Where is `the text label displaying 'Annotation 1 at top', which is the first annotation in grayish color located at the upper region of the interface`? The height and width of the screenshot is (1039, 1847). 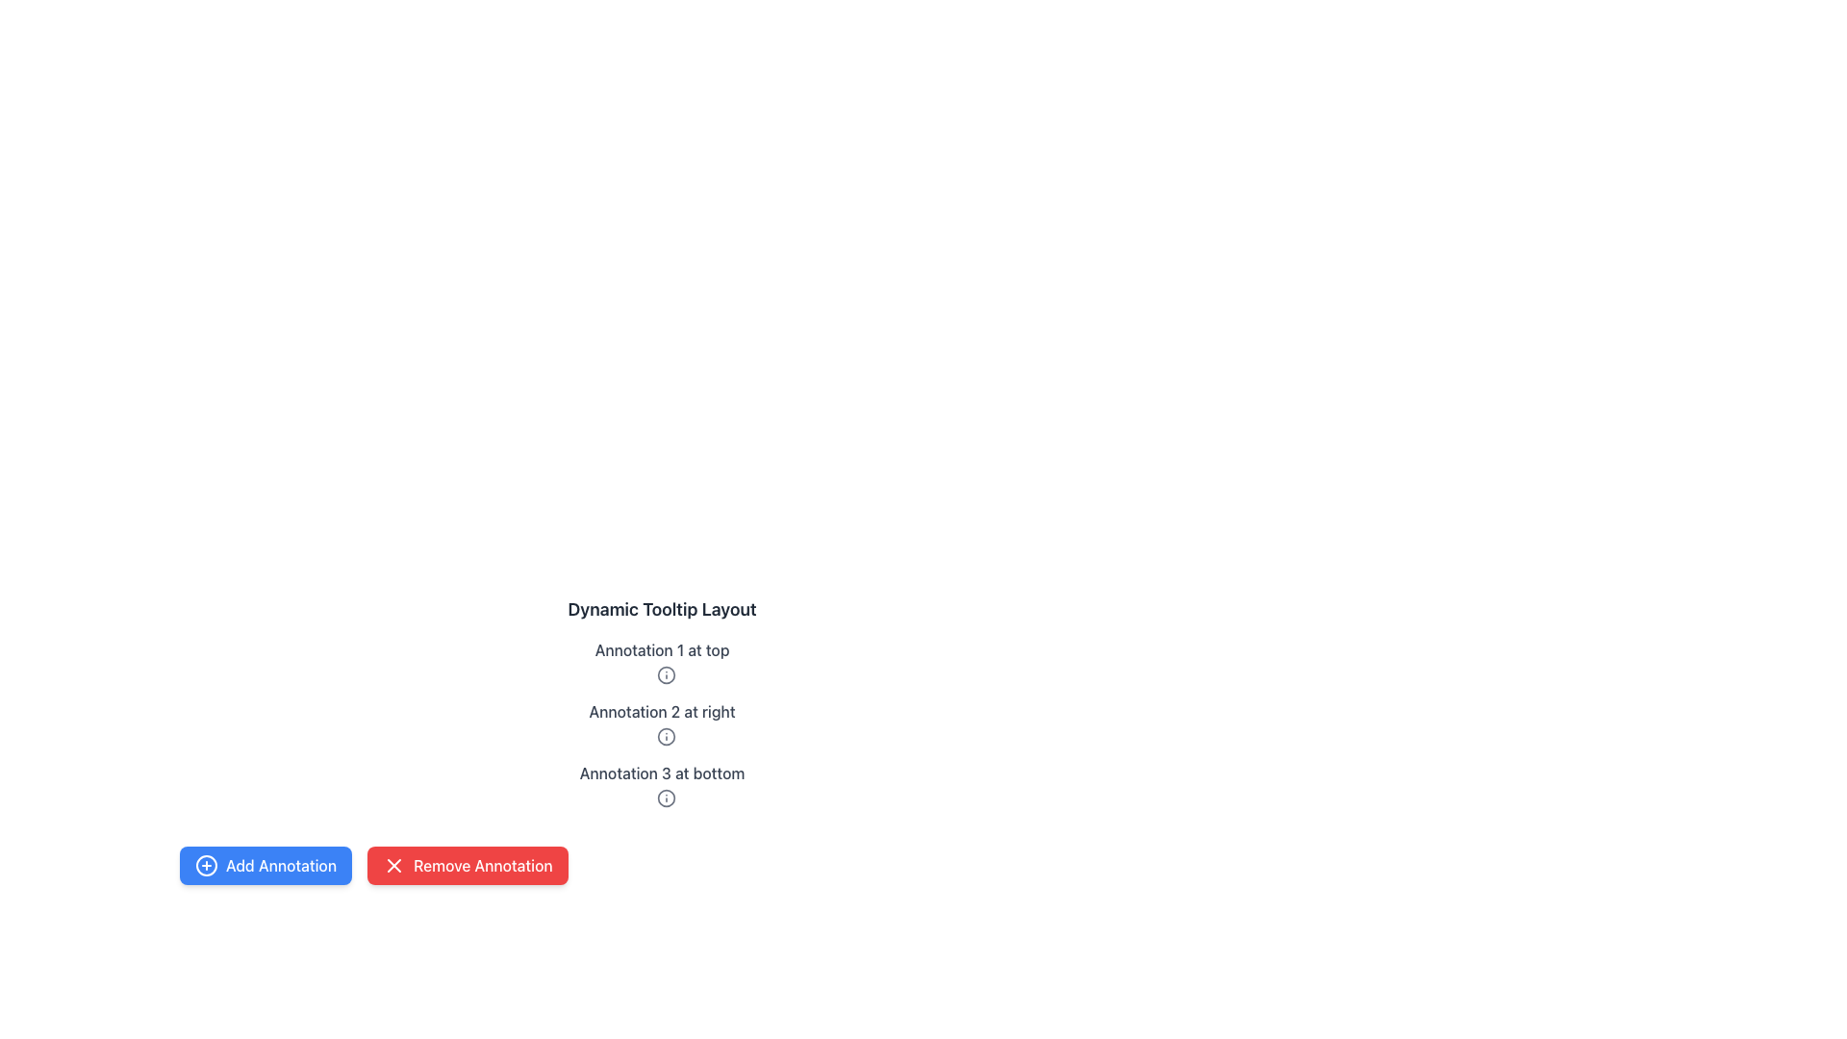
the text label displaying 'Annotation 1 at top', which is the first annotation in grayish color located at the upper region of the interface is located at coordinates (662, 649).